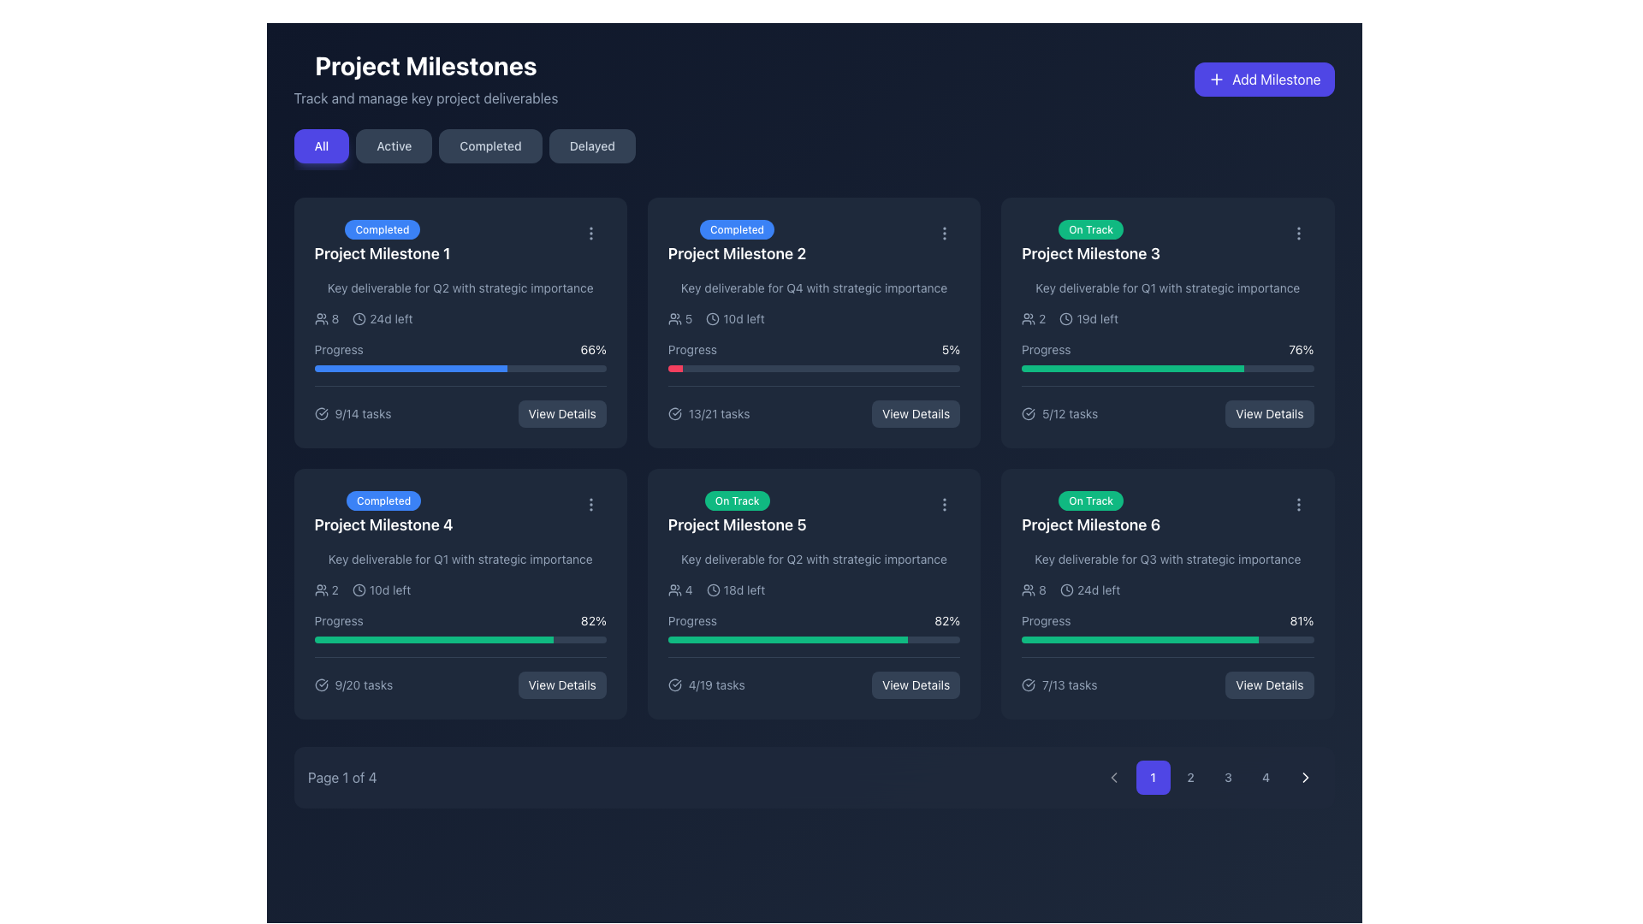  What do you see at coordinates (460, 560) in the screenshot?
I see `the text label that provides a brief description related to 'Project Milestone 4', which is centrally aligned beneath the title in the card` at bounding box center [460, 560].